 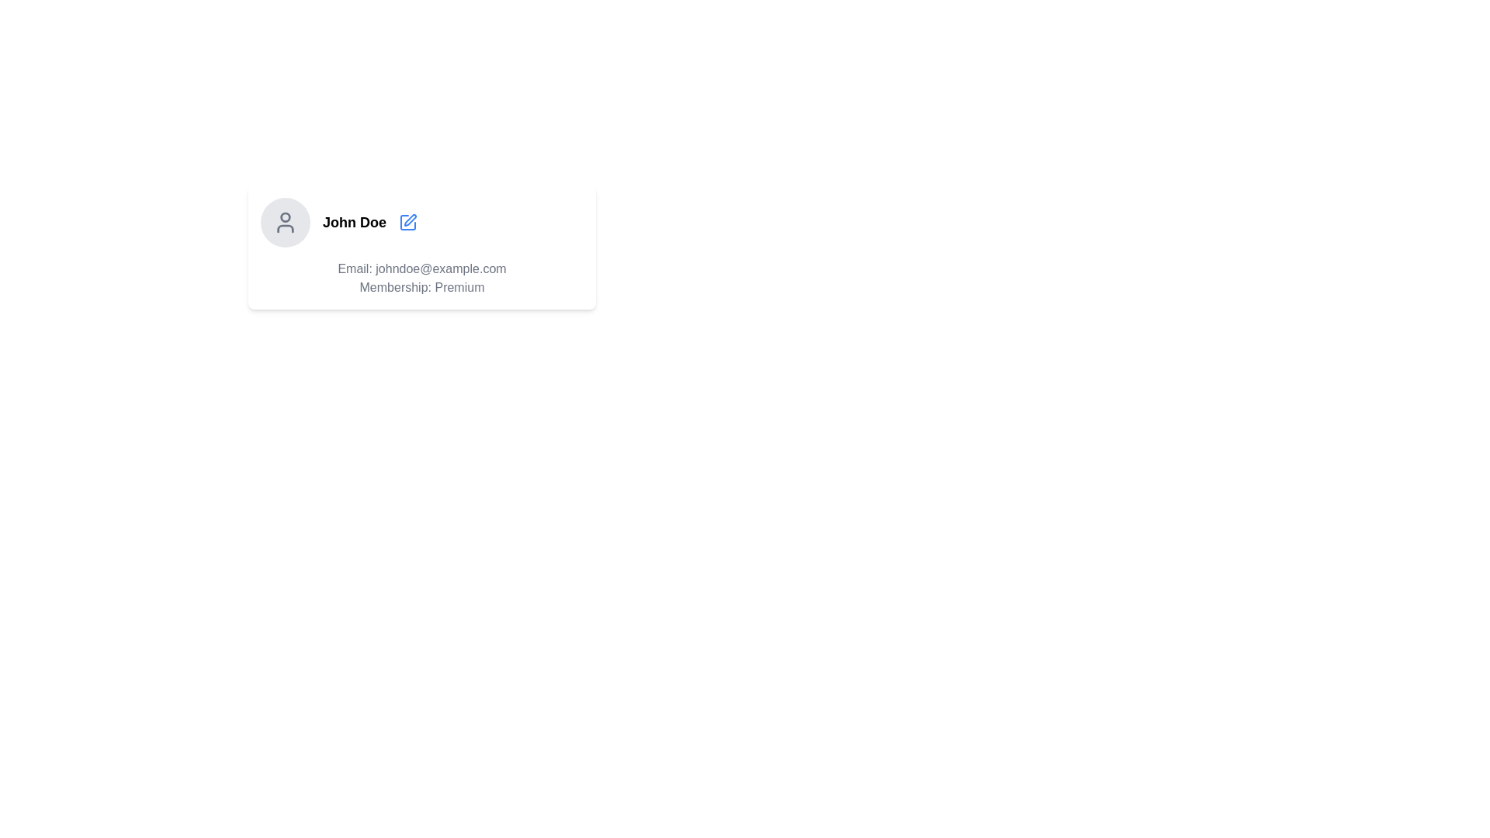 I want to click on the edit icon button located to the right of 'John Doe', so click(x=408, y=222).